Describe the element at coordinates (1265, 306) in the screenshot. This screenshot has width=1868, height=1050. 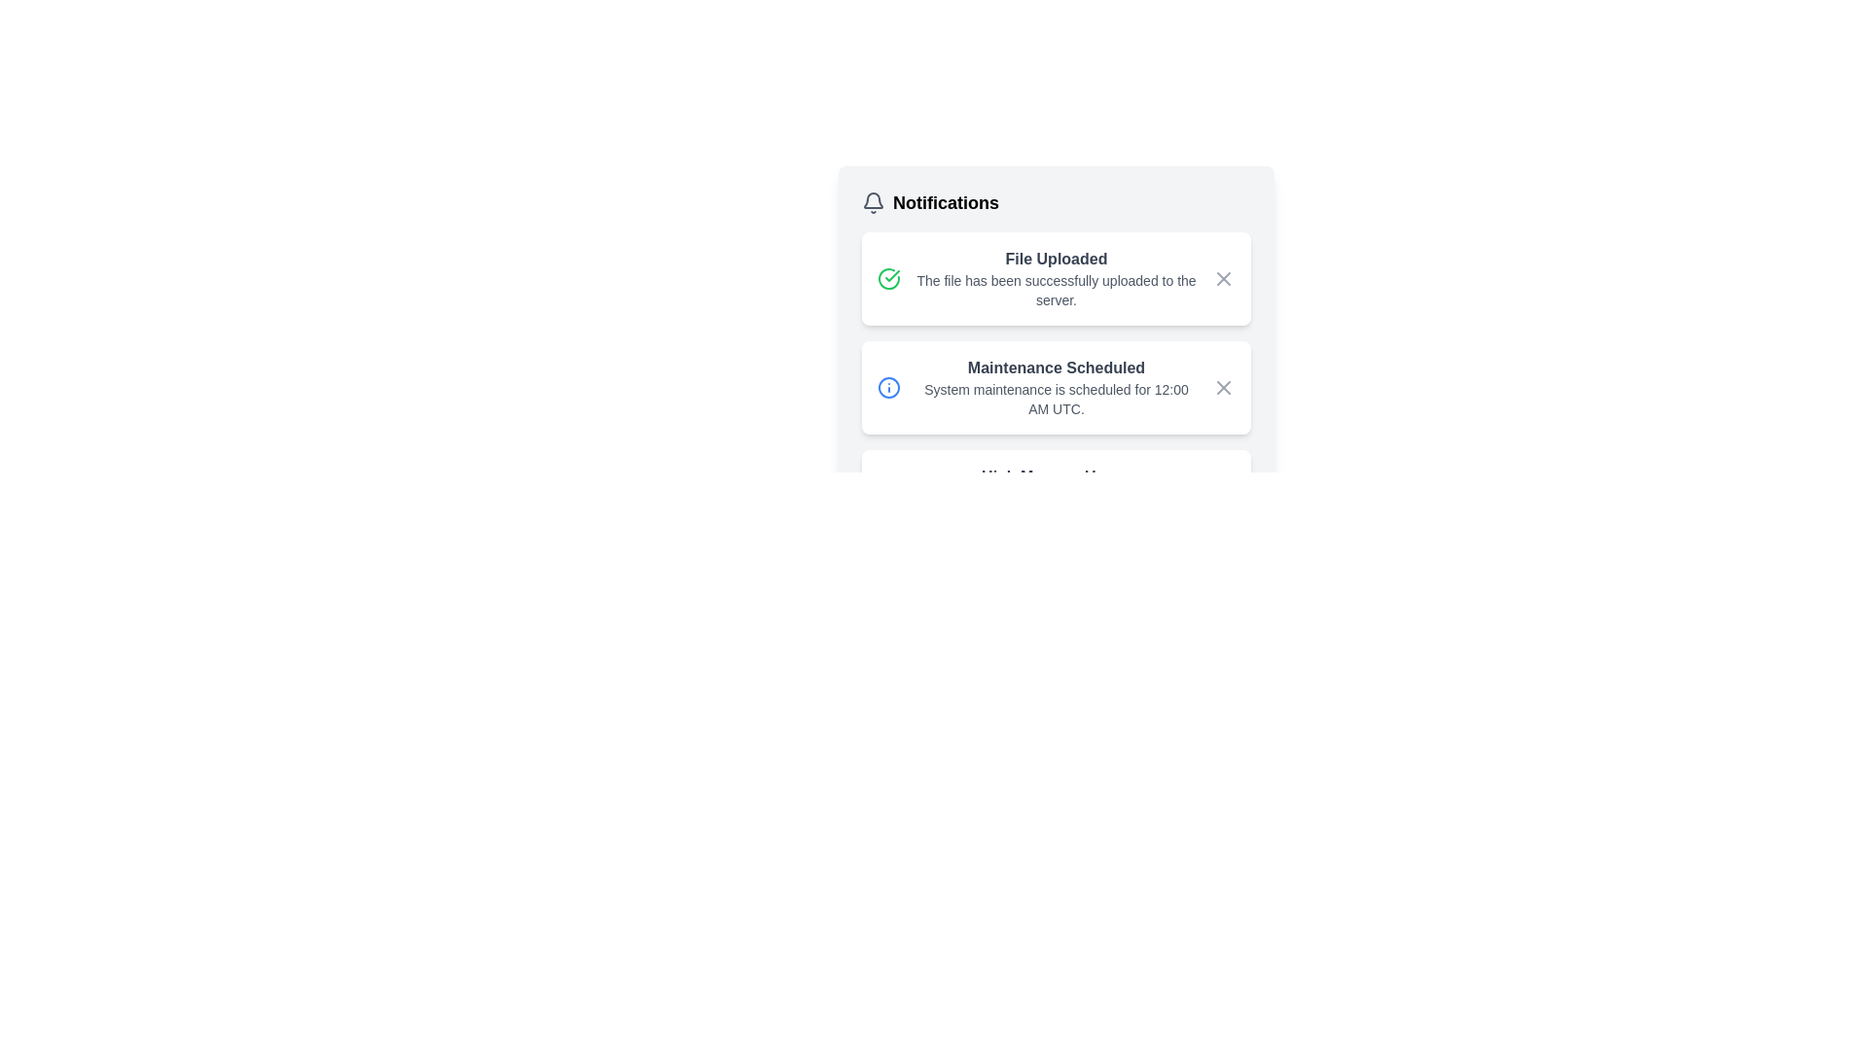
I see `the icons within the notification widget, which is a rectangular panel with a white background and rounded corners` at that location.